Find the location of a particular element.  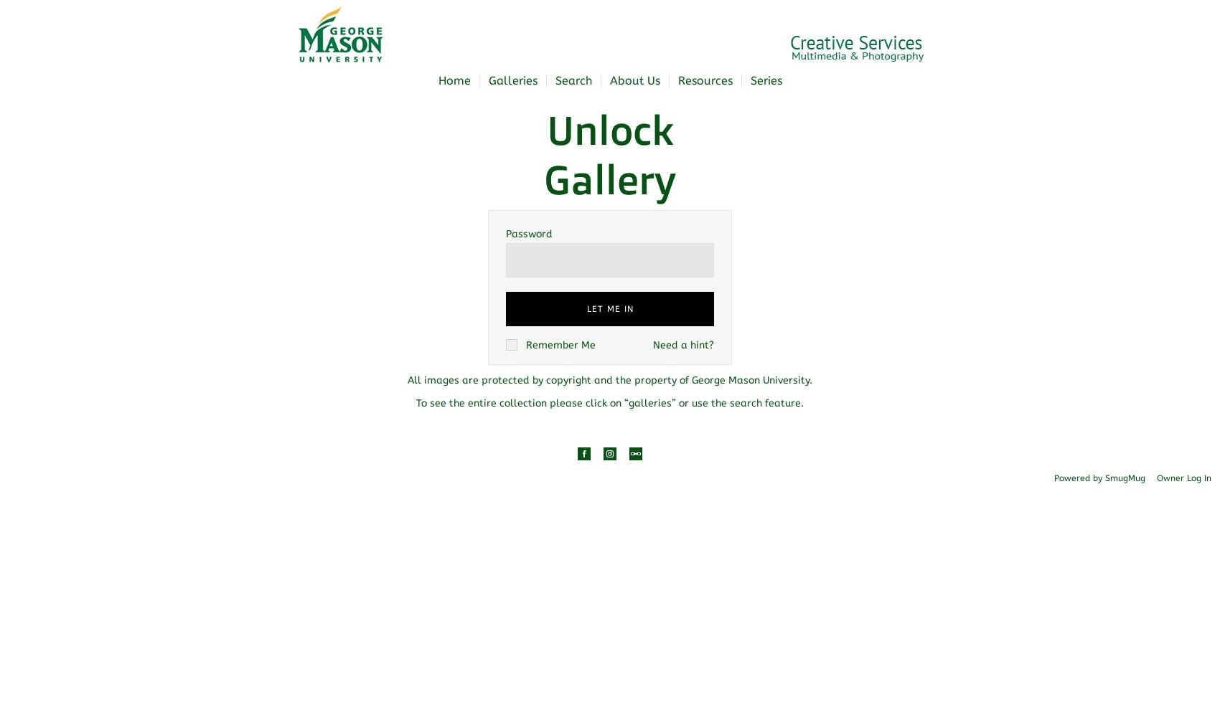

'To see the entire collection please click on “galleries” or use the search feature.' is located at coordinates (610, 402).